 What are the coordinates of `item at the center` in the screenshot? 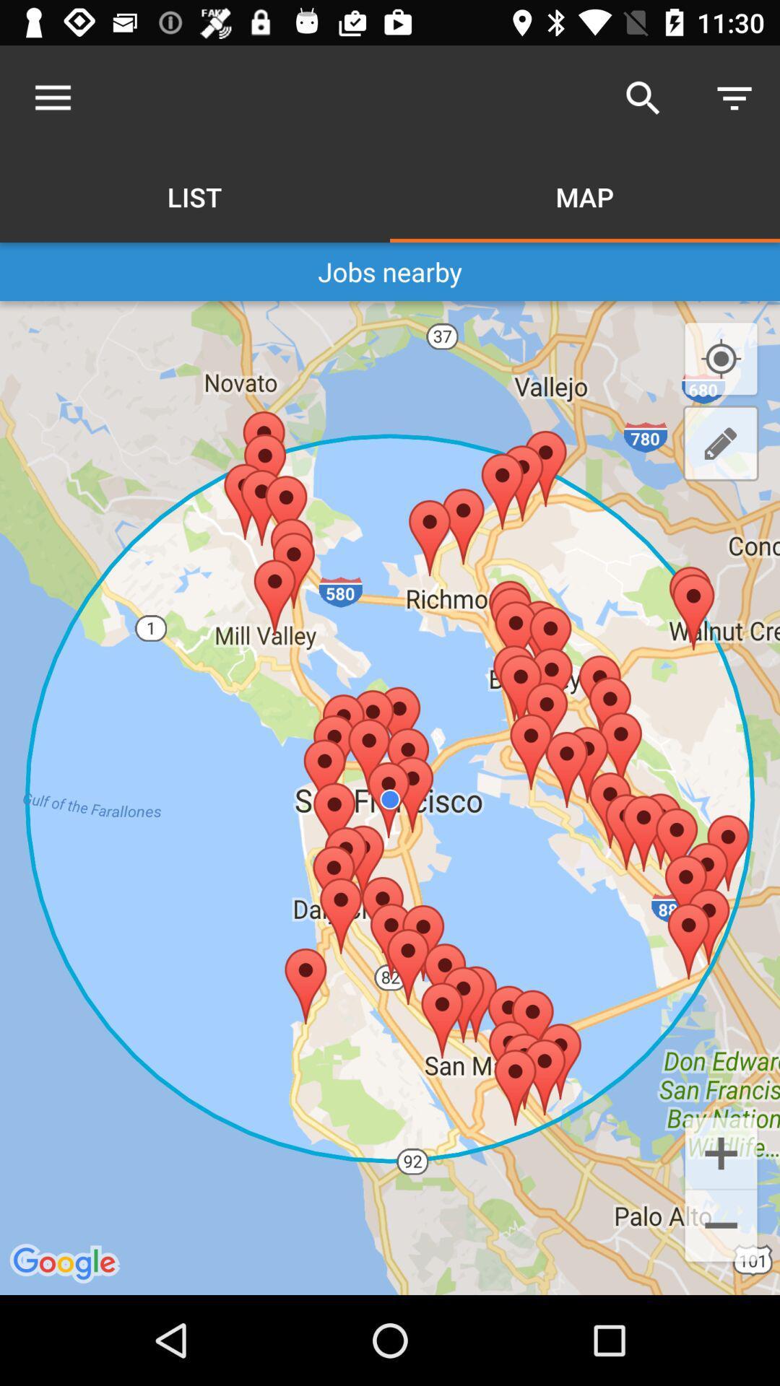 It's located at (390, 797).